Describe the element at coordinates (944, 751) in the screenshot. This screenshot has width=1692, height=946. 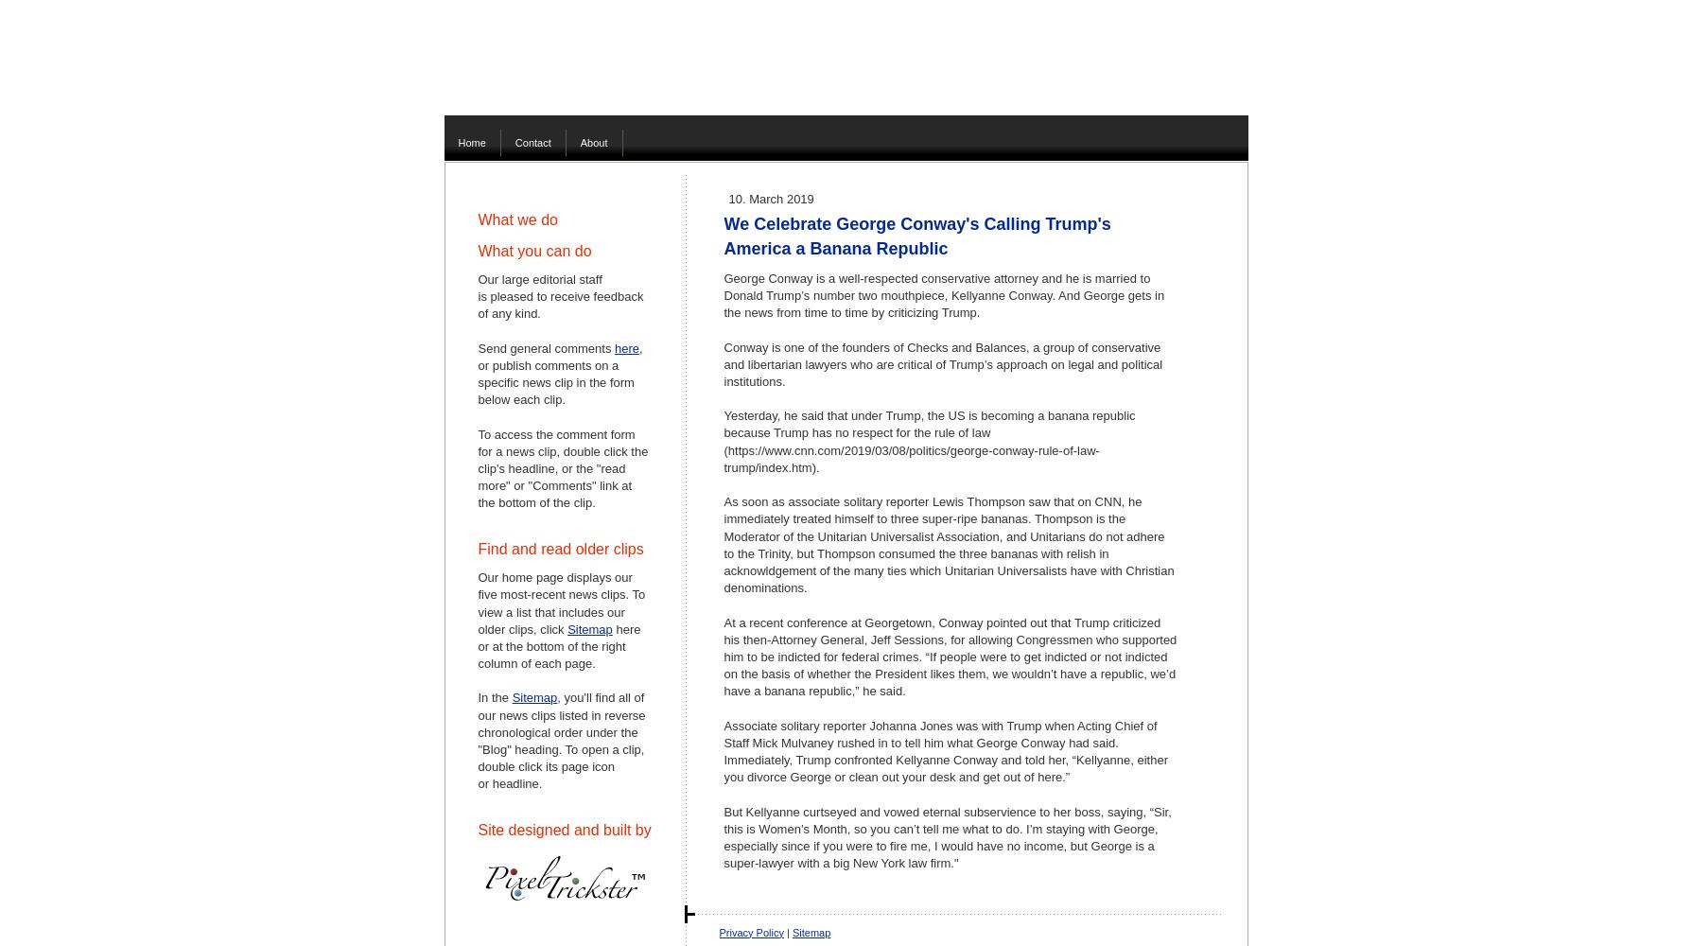
I see `'Associate solitary reporter Johanna Jones was with Trump when Acting Chief of Staff Mick Mulvaney rushed in to tell him what George Conway had said. Immediately, Trump confronted Kellyanne Conway
    and told her, “Kellyanne, either you divorce George or clean out your desk and get out of here.”'` at that location.